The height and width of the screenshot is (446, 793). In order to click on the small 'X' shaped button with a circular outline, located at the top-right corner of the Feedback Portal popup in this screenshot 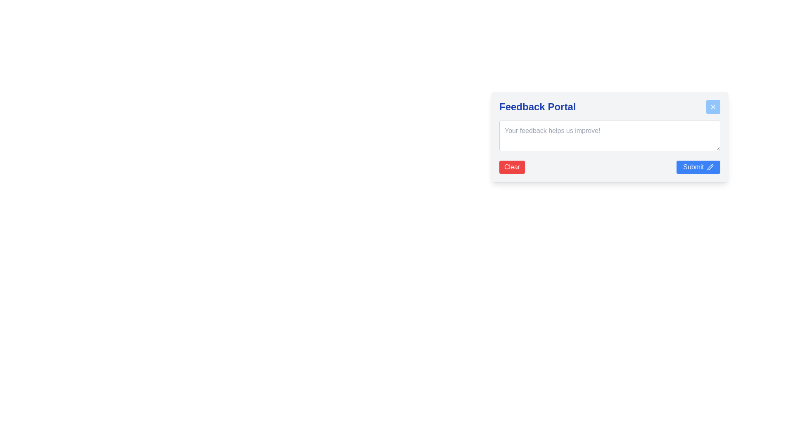, I will do `click(713, 106)`.